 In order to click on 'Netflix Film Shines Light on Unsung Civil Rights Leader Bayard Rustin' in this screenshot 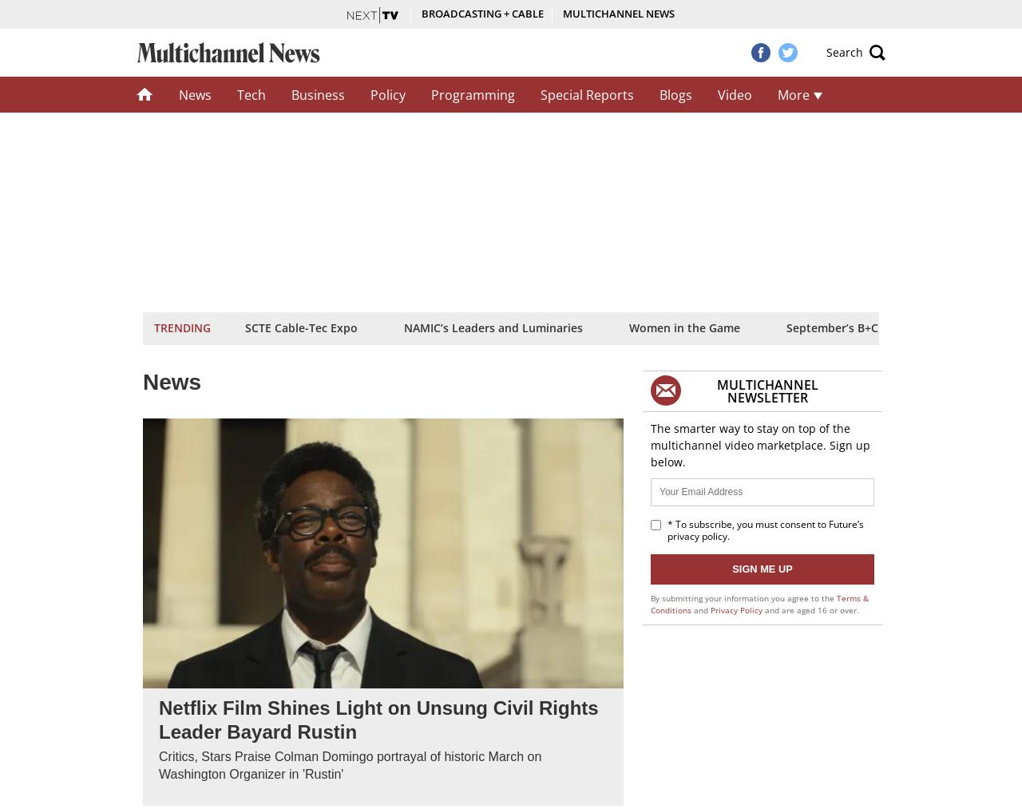, I will do `click(377, 719)`.